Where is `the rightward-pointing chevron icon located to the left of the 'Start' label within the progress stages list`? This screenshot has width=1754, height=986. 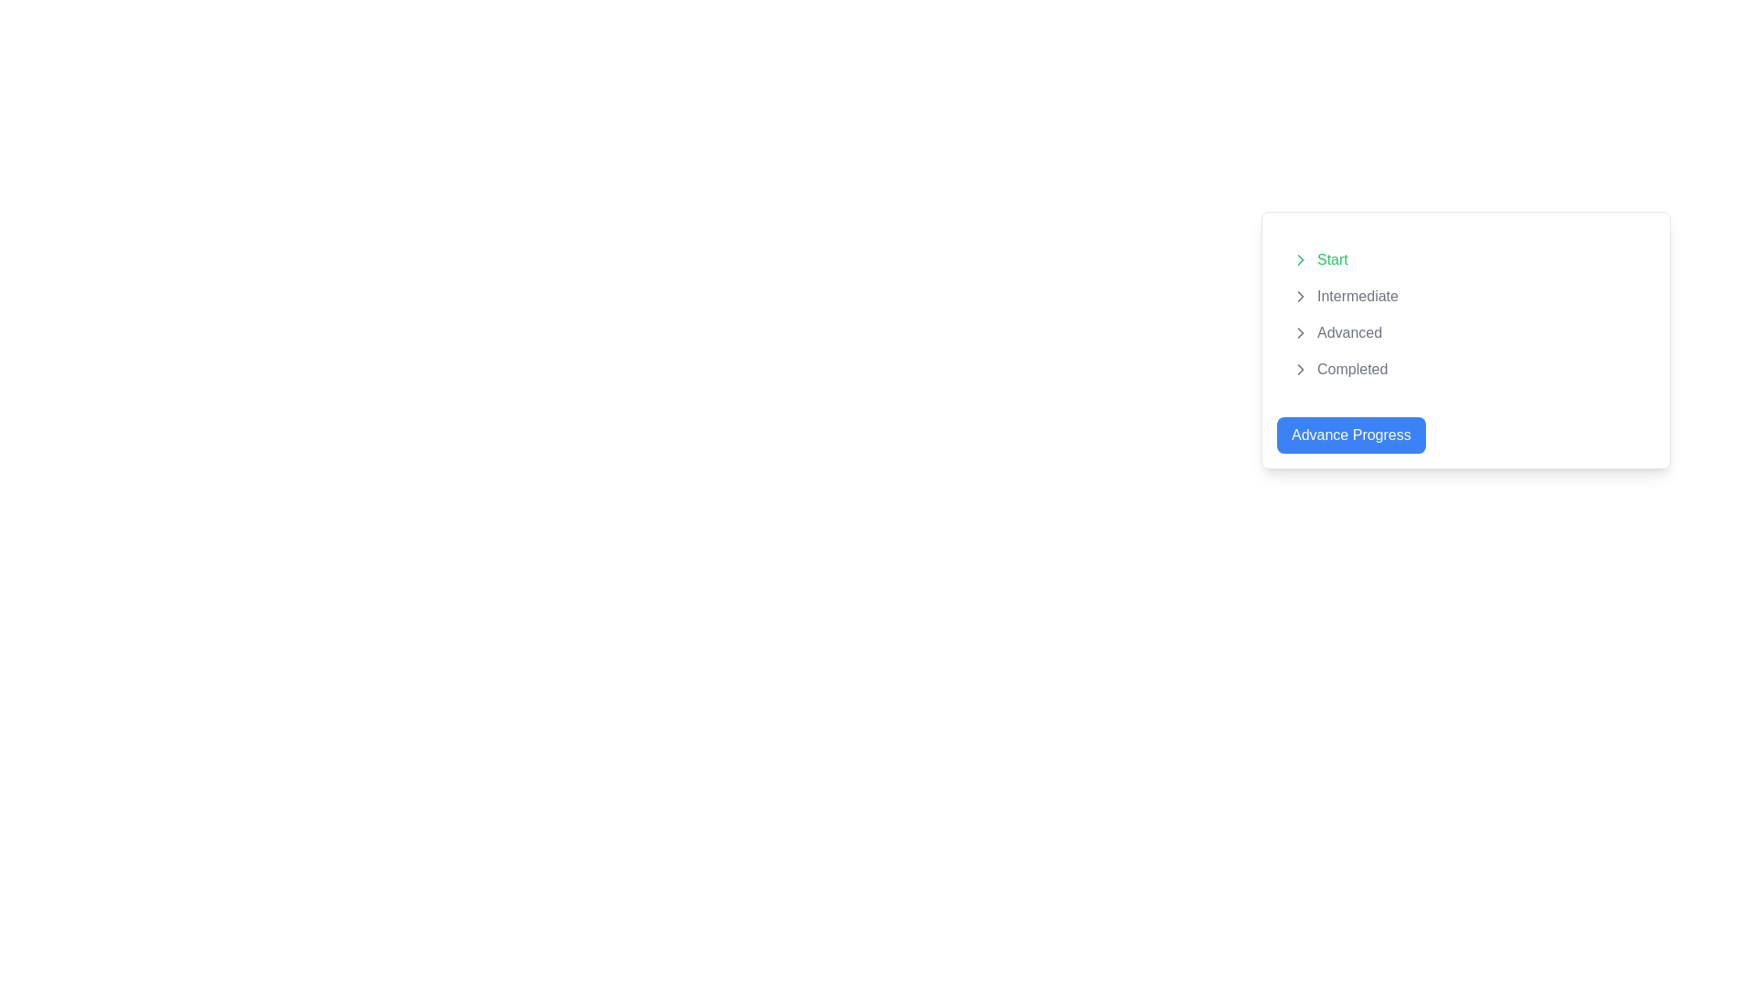
the rightward-pointing chevron icon located to the left of the 'Start' label within the progress stages list is located at coordinates (1300, 260).